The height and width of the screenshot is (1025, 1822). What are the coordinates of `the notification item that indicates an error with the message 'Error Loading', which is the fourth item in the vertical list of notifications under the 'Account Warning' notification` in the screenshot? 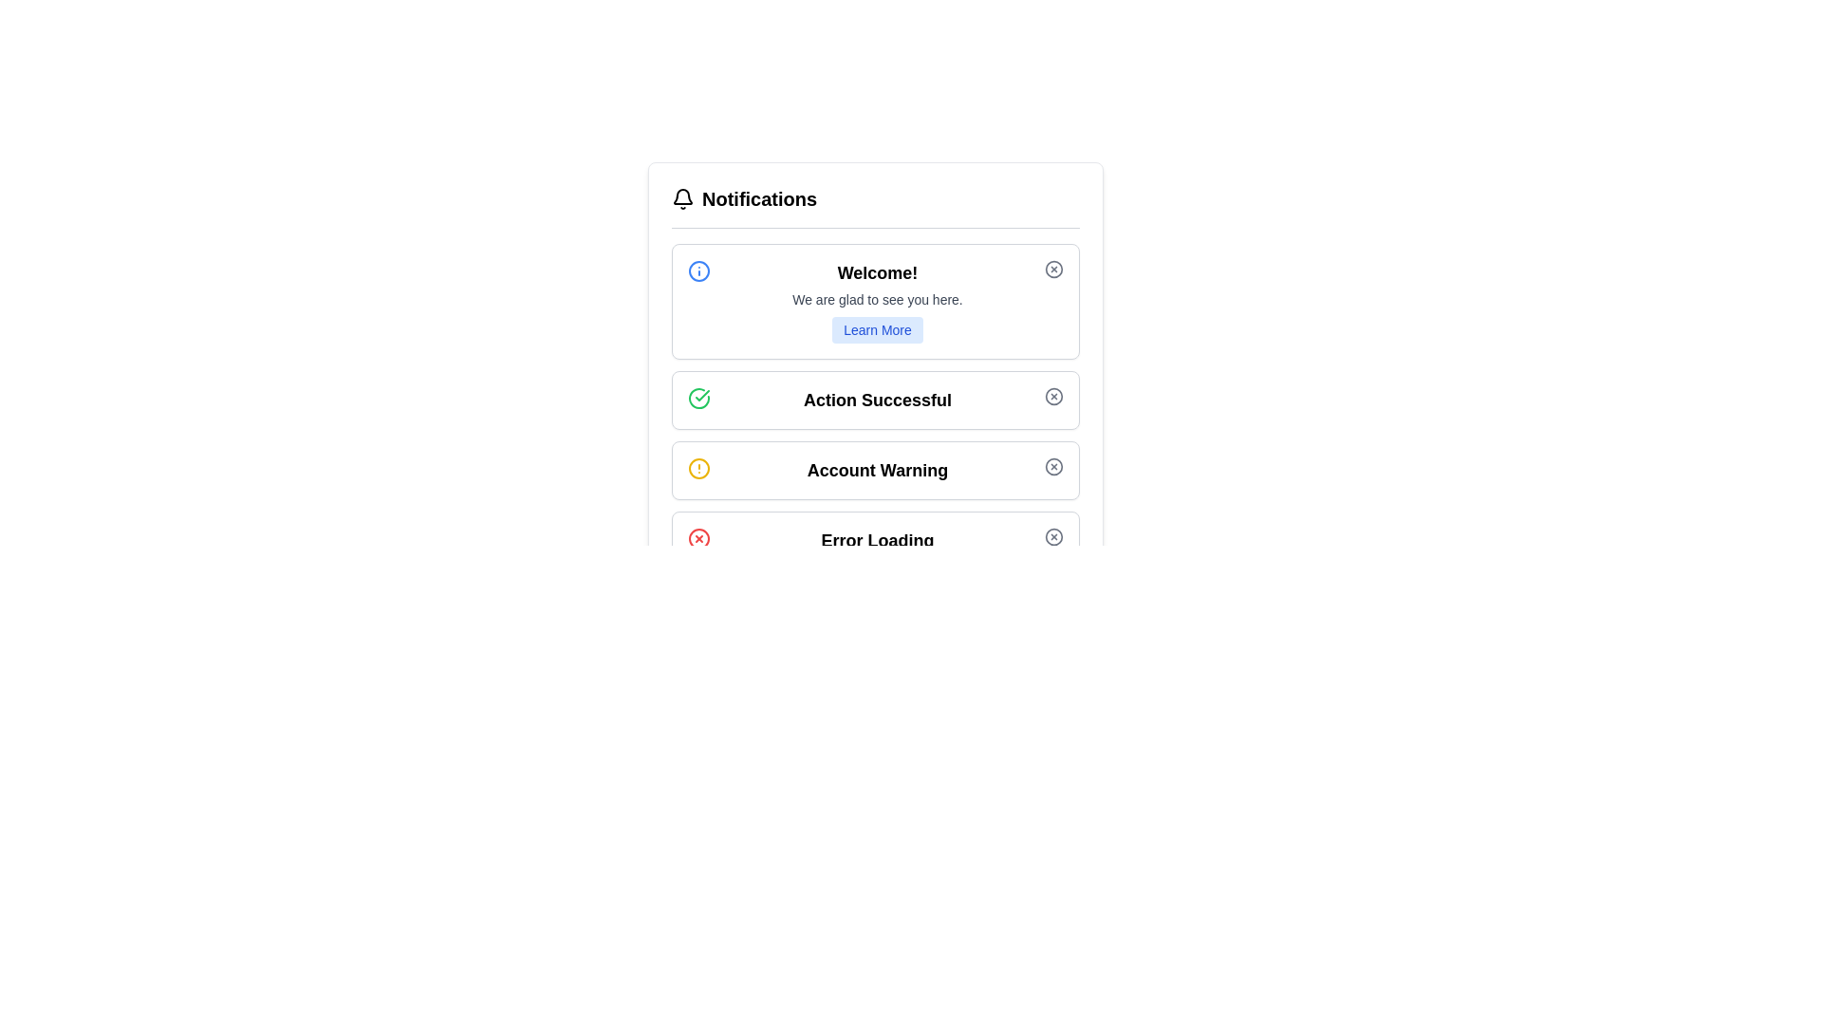 It's located at (874, 541).